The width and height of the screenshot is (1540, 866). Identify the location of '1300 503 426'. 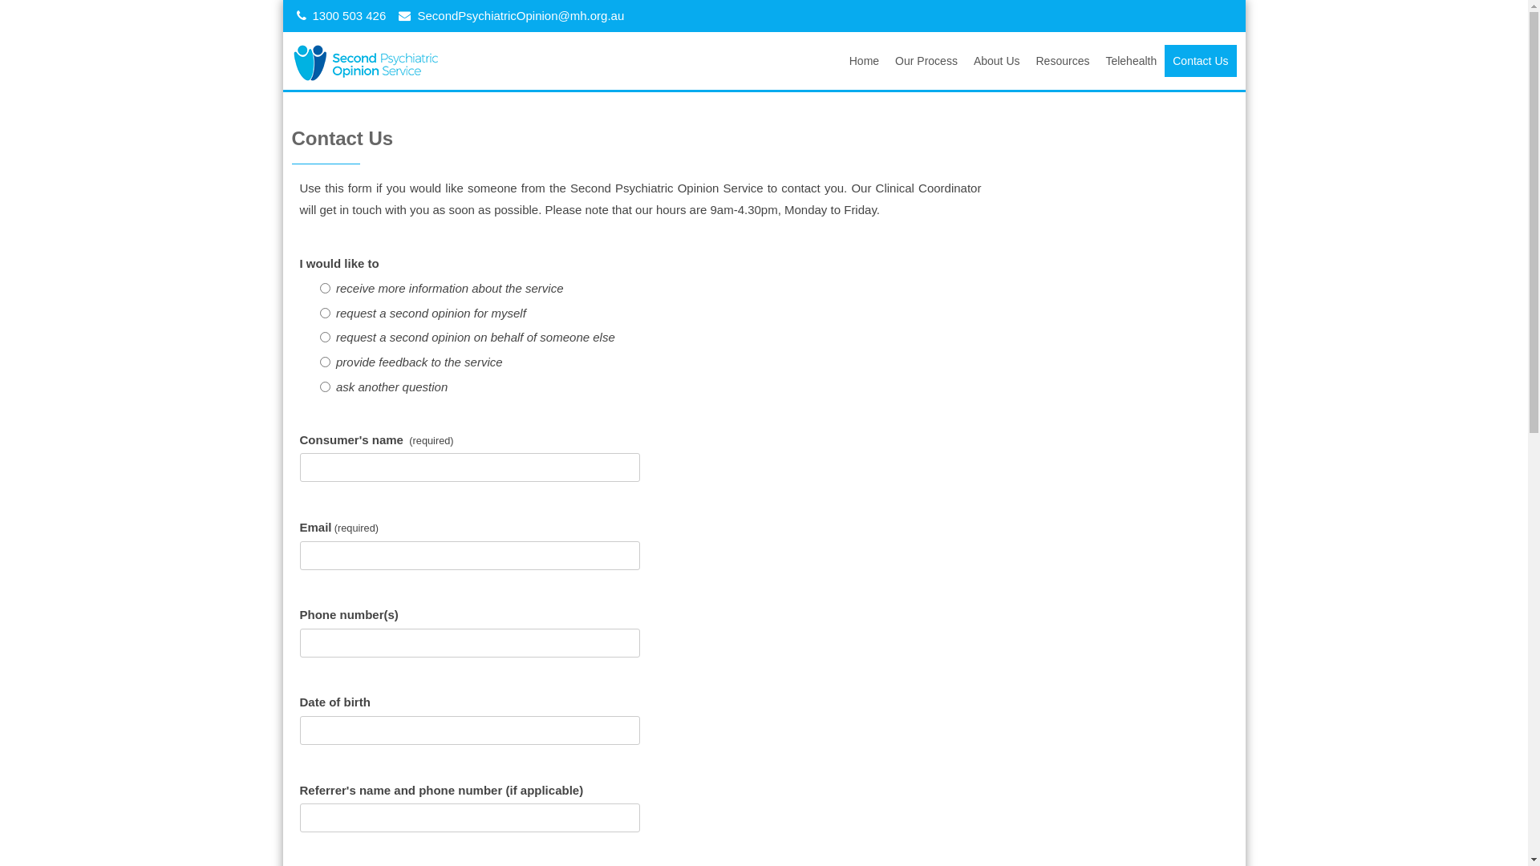
(349, 15).